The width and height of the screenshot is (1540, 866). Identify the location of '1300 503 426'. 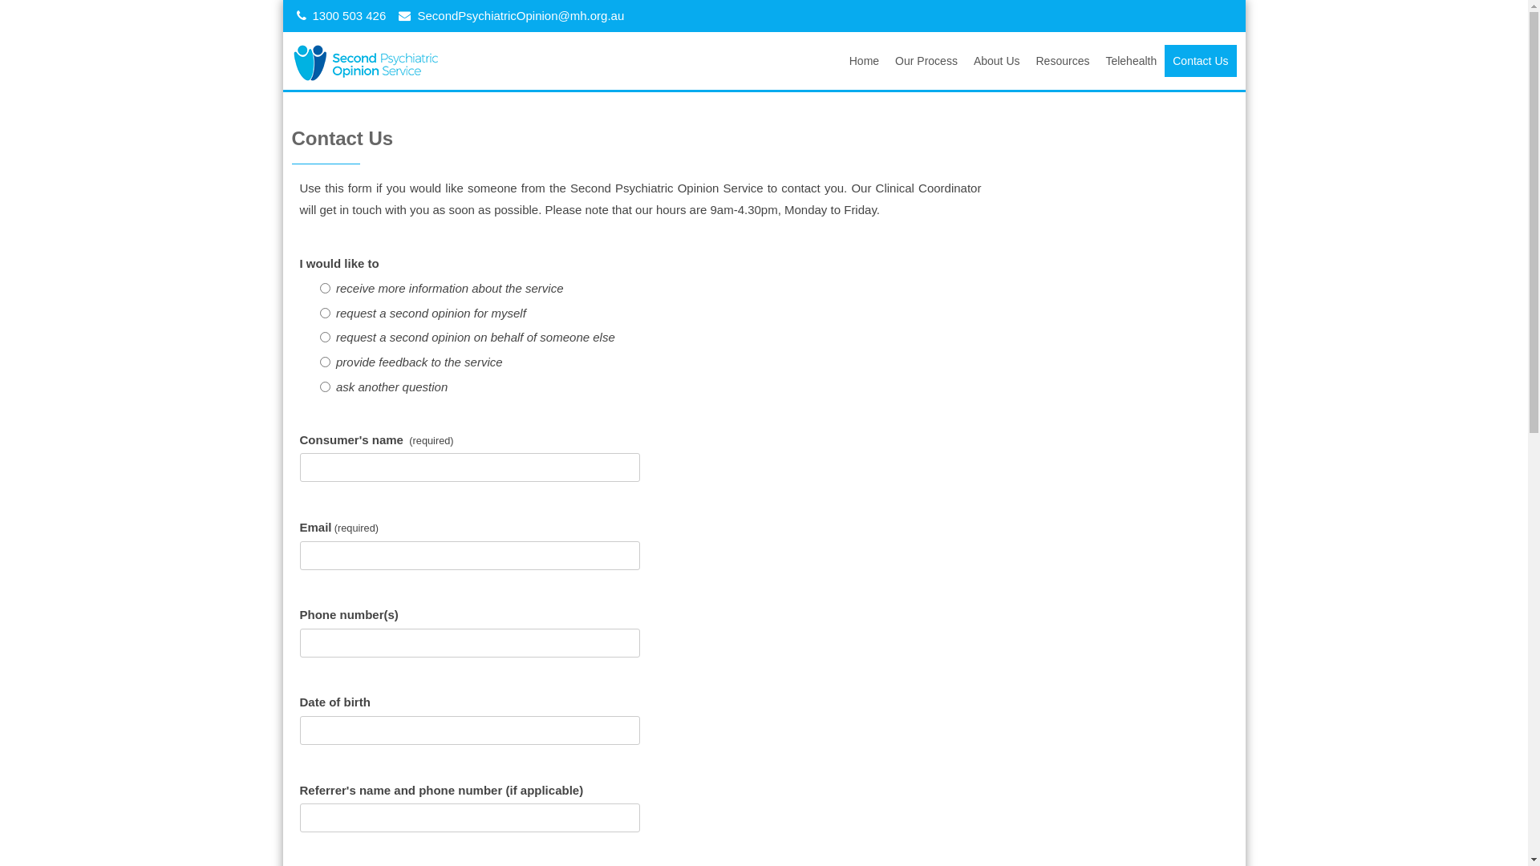
(349, 15).